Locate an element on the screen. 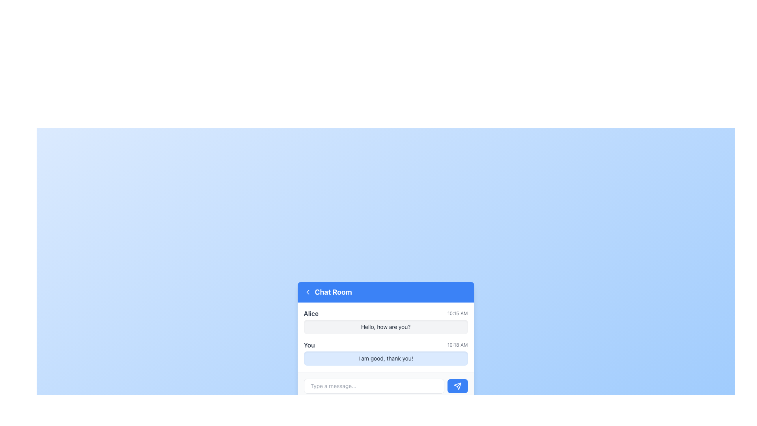 The height and width of the screenshot is (426, 757). the chat message displayed with the text 'I am good, thank you!' from 'You', which is the second message in the sequence, positioned below 'Hello, how are you?' from 'Alice' is located at coordinates (386, 352).